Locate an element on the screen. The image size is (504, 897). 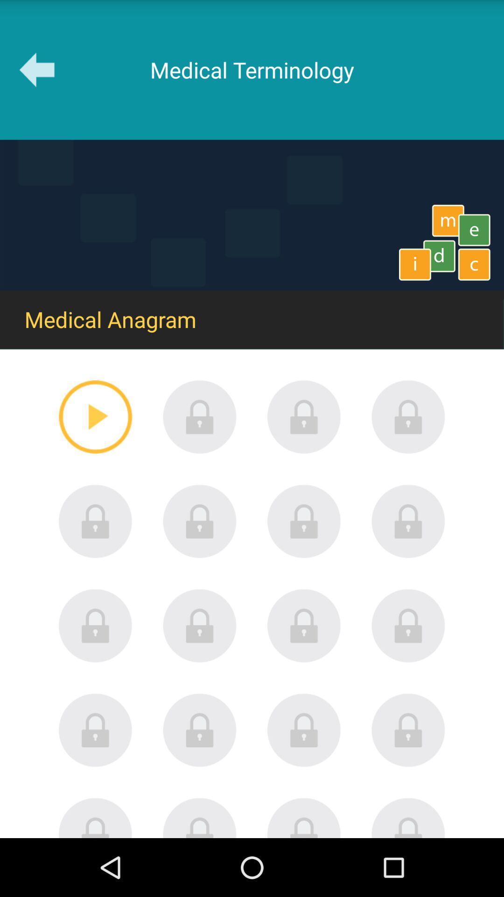
locked option is located at coordinates (95, 817).